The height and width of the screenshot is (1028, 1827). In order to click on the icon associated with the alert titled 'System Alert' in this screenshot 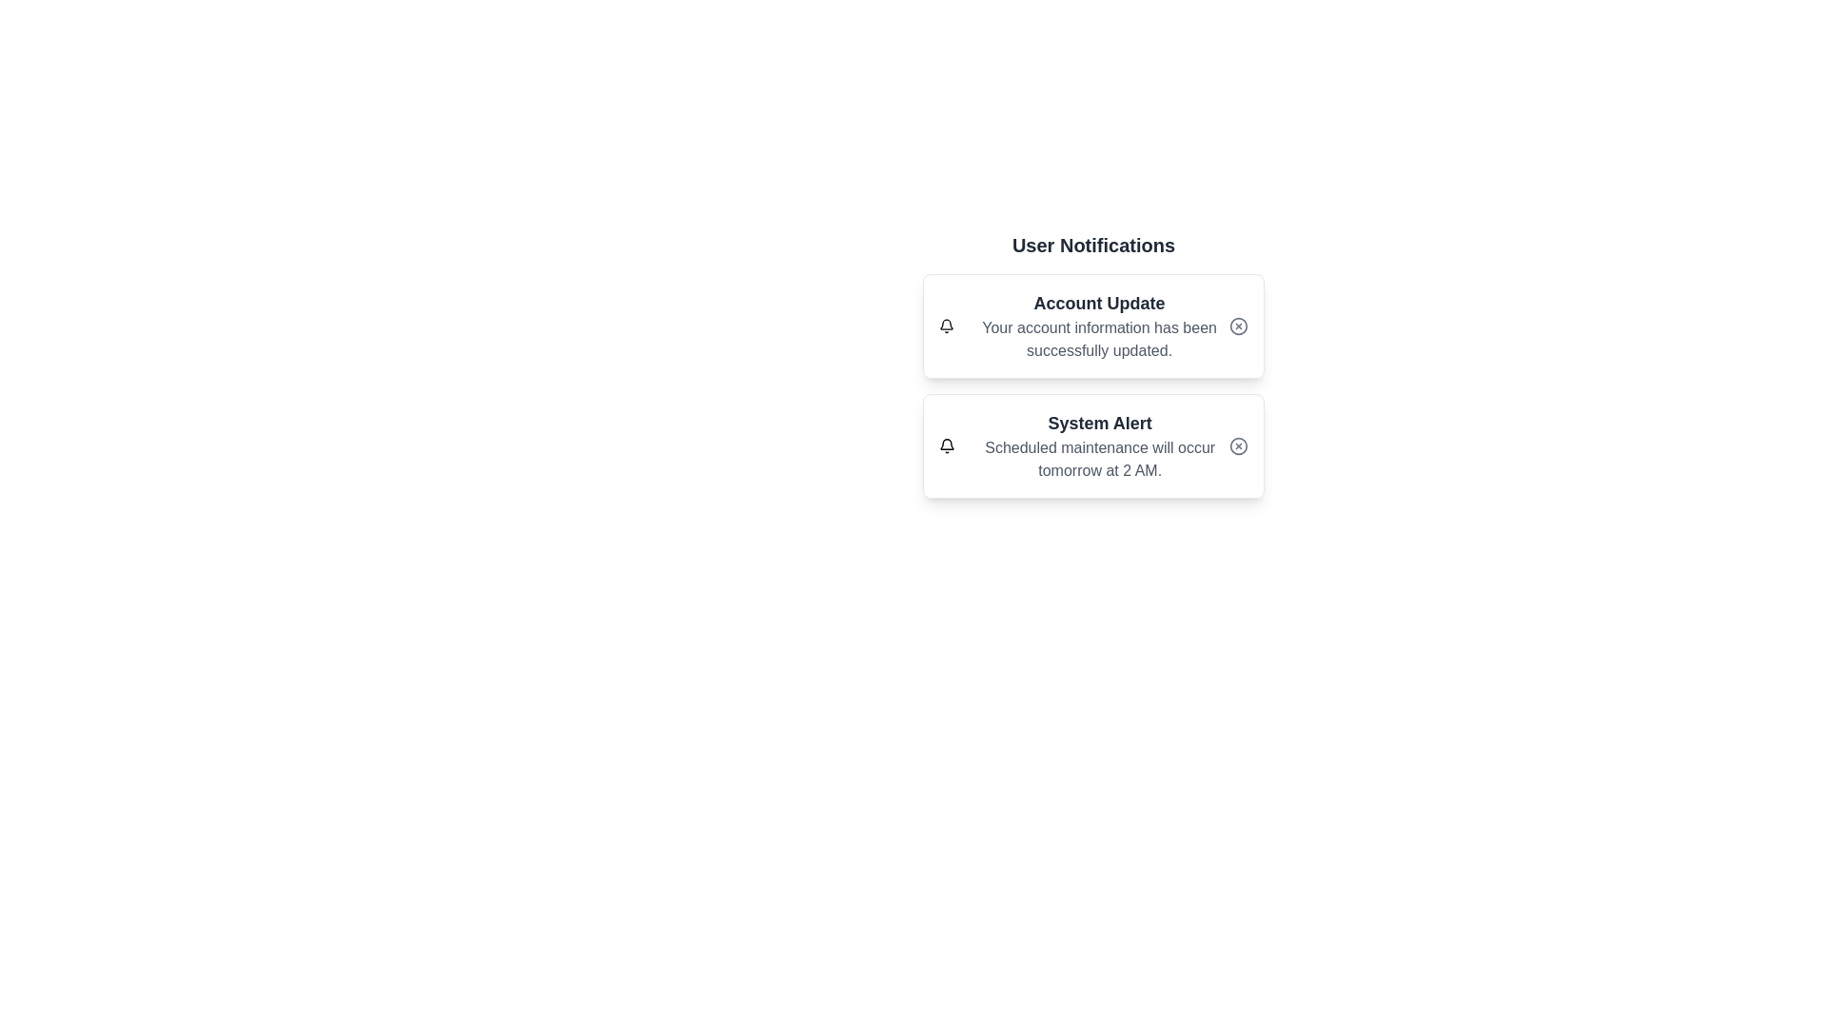, I will do `click(947, 446)`.